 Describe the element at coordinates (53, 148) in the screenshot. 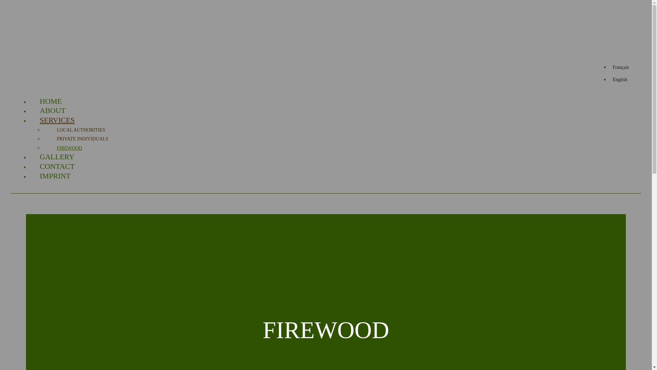

I see `'FIREWOOD'` at that location.